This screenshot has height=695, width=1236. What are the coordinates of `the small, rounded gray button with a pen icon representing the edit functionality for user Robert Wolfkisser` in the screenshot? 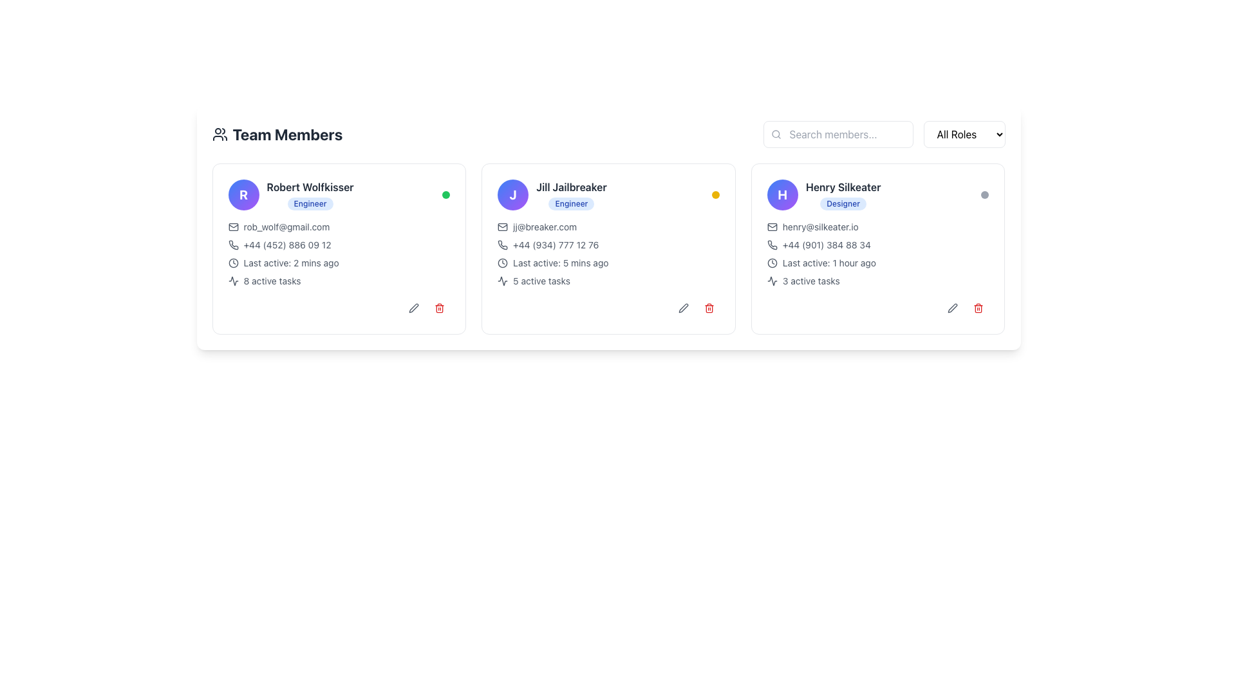 It's located at (414, 308).